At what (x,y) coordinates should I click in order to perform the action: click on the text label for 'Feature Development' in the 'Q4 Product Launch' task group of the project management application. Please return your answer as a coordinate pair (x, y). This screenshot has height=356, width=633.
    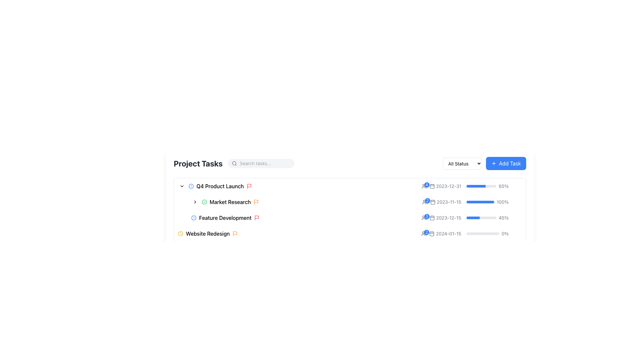
    Looking at the image, I should click on (225, 218).